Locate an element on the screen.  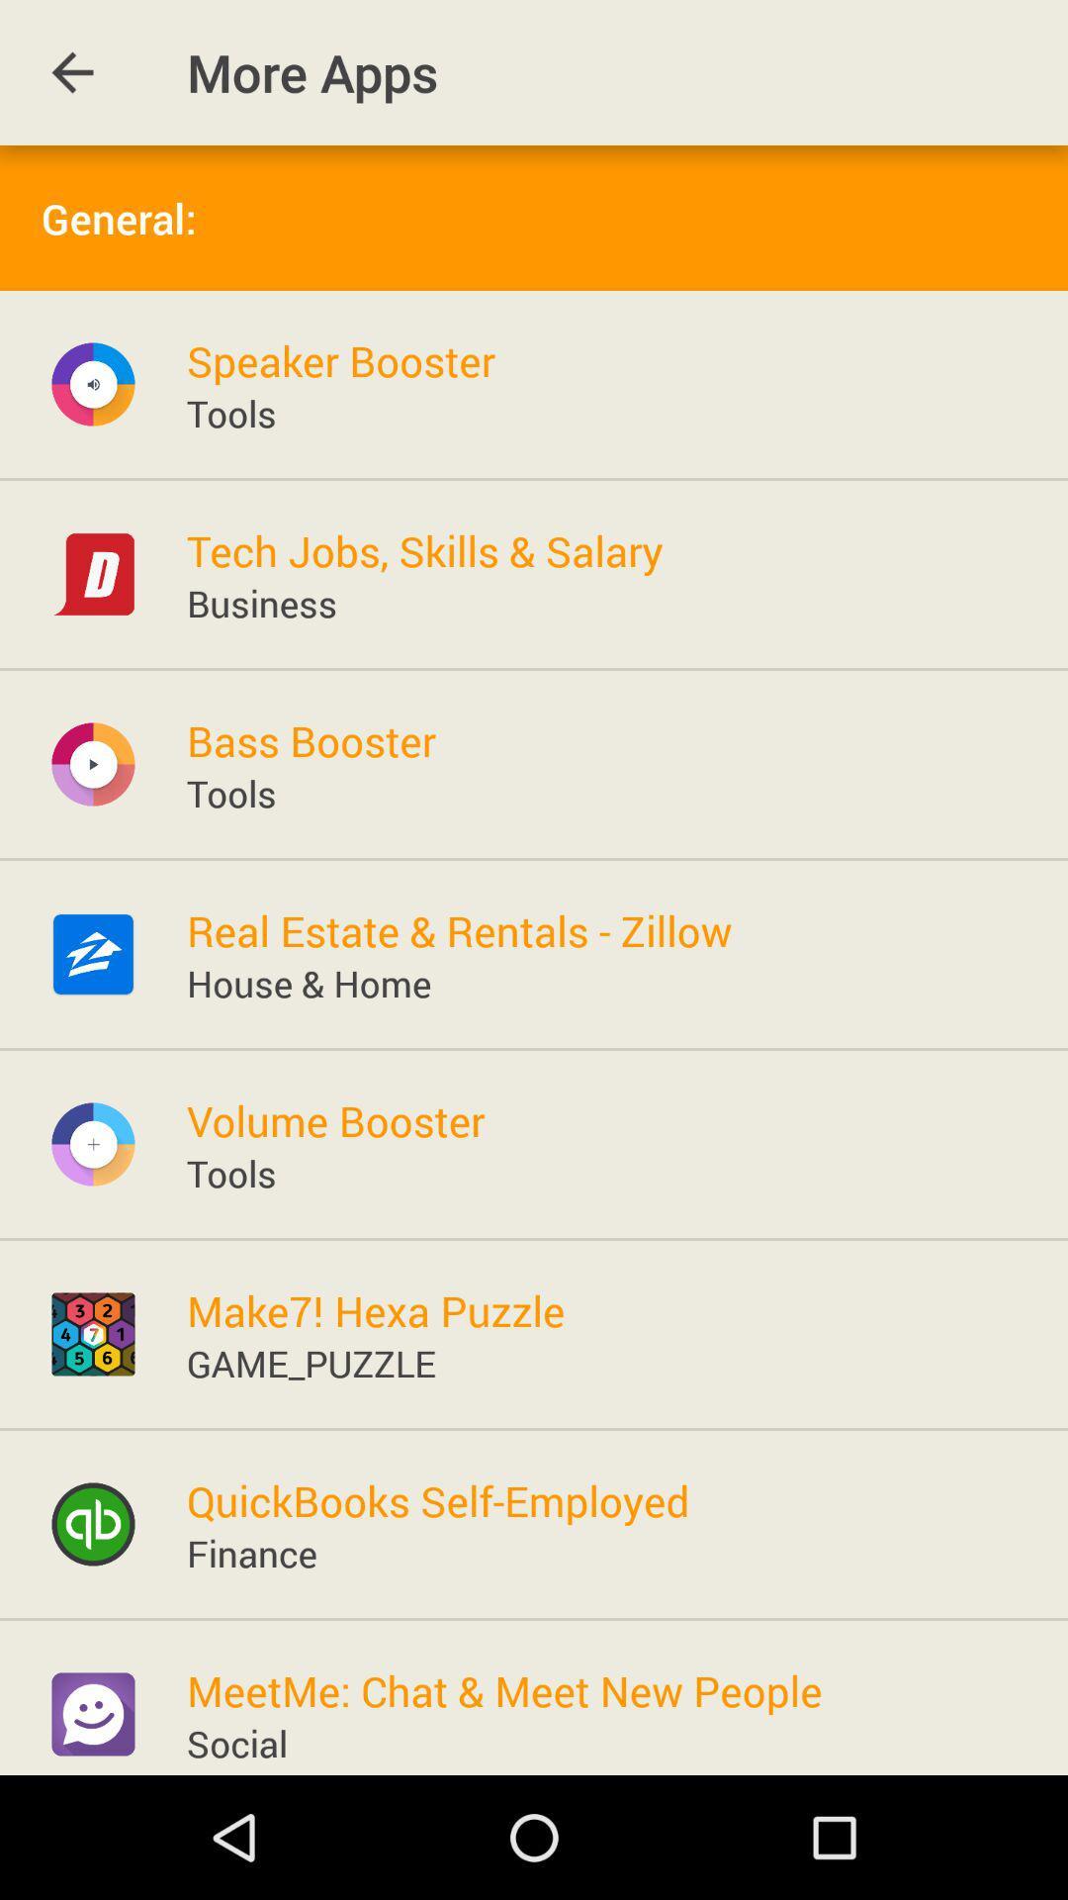
item next to more apps app is located at coordinates (71, 72).